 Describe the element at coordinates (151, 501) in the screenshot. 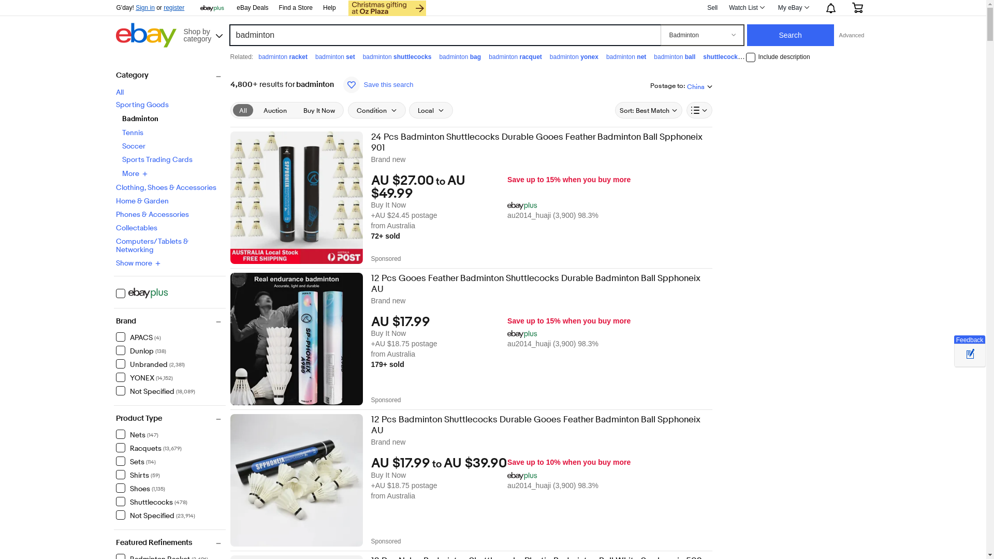

I see `'Shuttlecocks` at that location.